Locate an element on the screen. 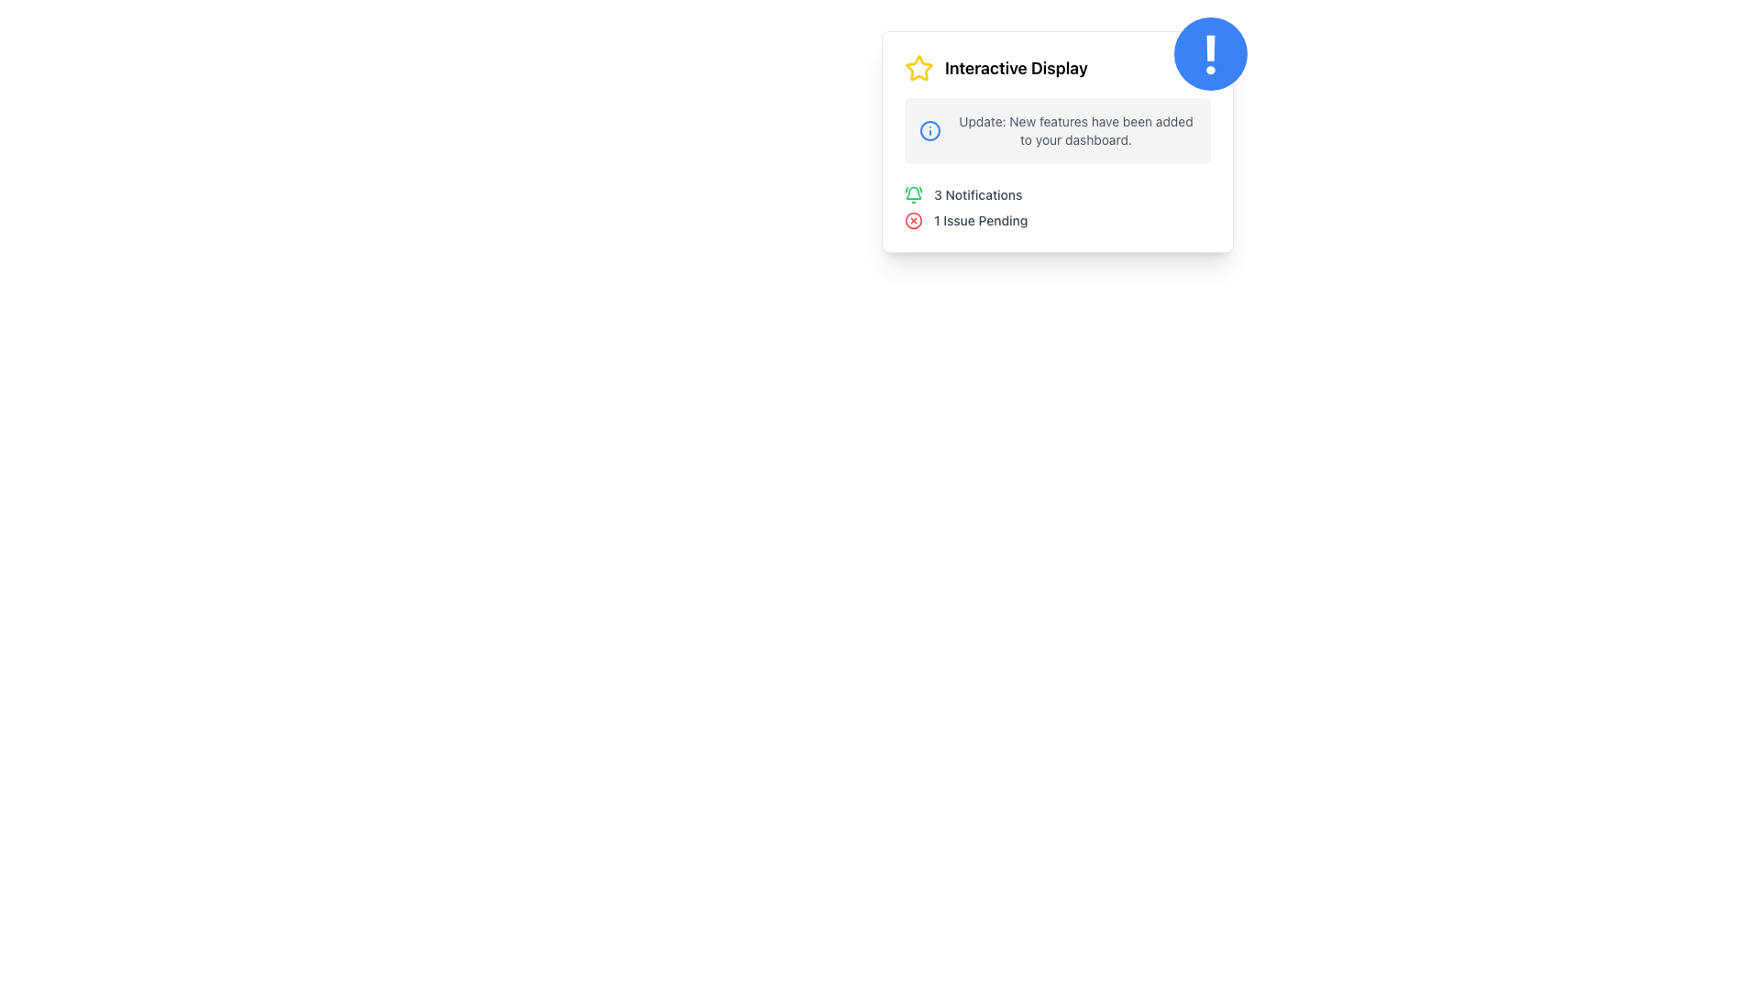 This screenshot has height=990, width=1760. the text label that serves as the heading for the card, located in the upper left corner, to the right of a yellow star icon is located at coordinates (1015, 67).